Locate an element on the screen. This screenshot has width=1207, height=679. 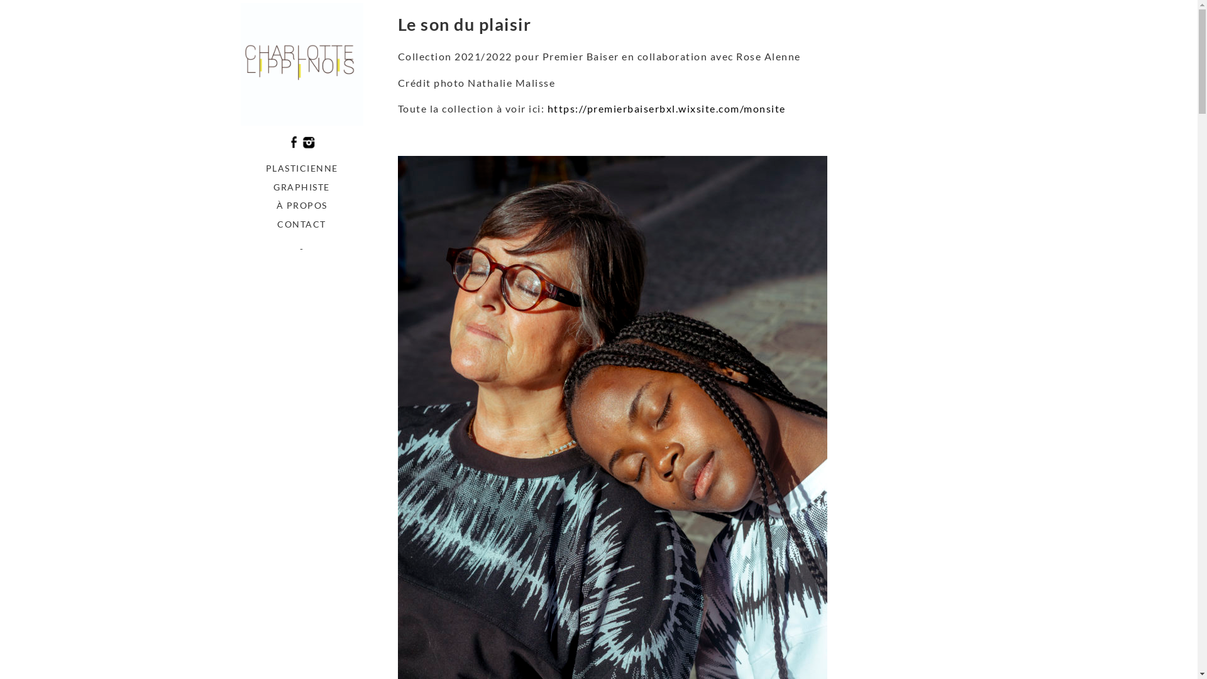
'PLASTICIENNE' is located at coordinates (300, 167).